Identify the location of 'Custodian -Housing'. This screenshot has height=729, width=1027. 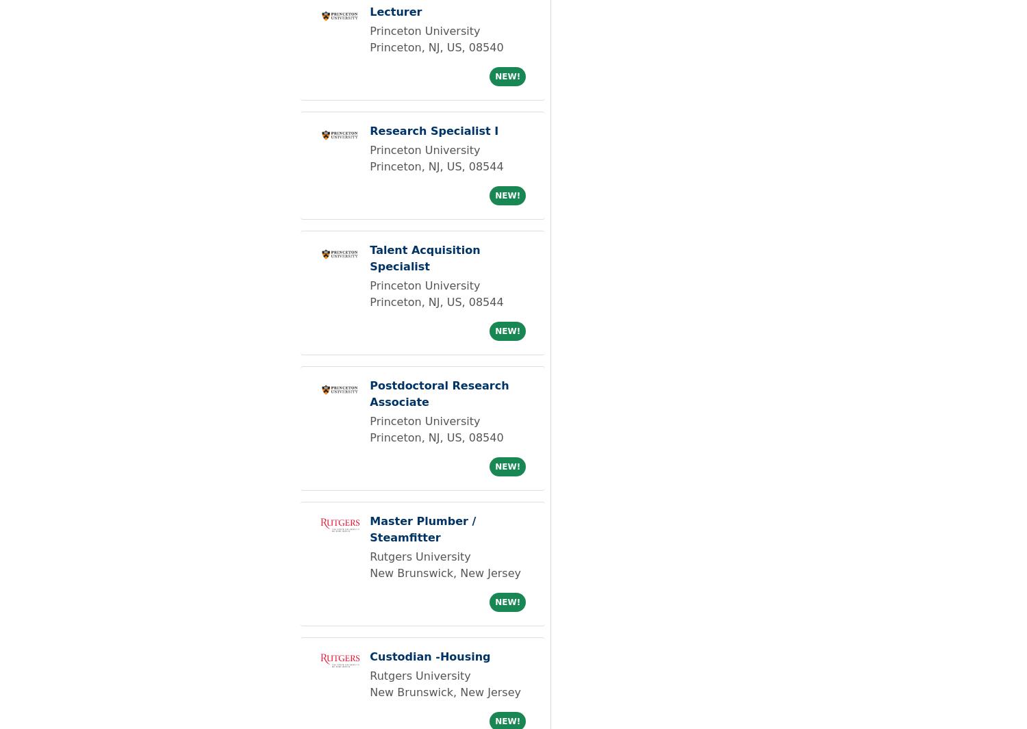
(430, 656).